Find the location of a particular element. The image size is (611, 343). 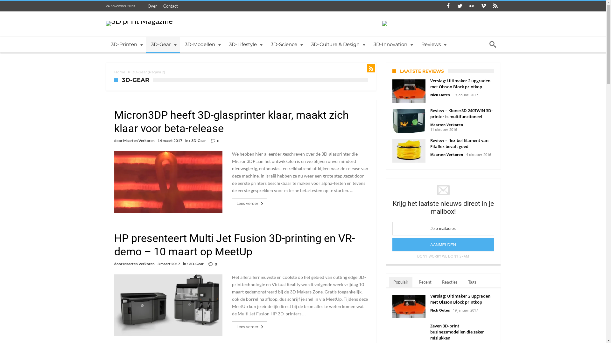

'Nick Ootes' is located at coordinates (430, 95).